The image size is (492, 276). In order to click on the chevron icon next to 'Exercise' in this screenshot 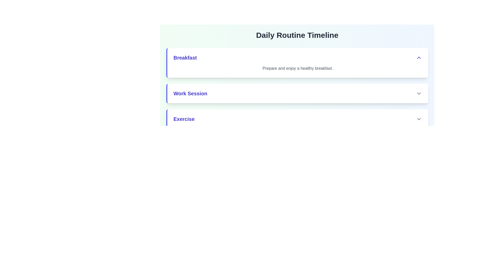, I will do `click(419, 119)`.